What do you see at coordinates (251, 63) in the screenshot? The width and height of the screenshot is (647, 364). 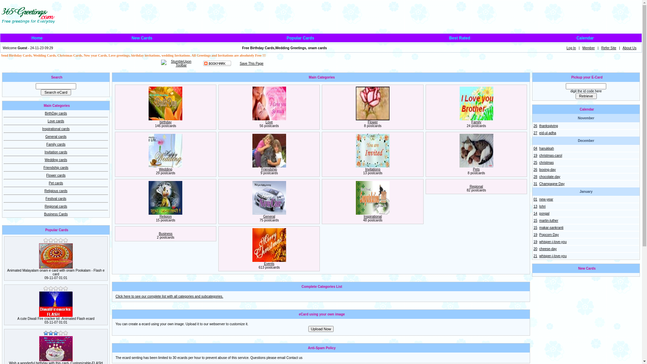 I see `'Save This Page'` at bounding box center [251, 63].